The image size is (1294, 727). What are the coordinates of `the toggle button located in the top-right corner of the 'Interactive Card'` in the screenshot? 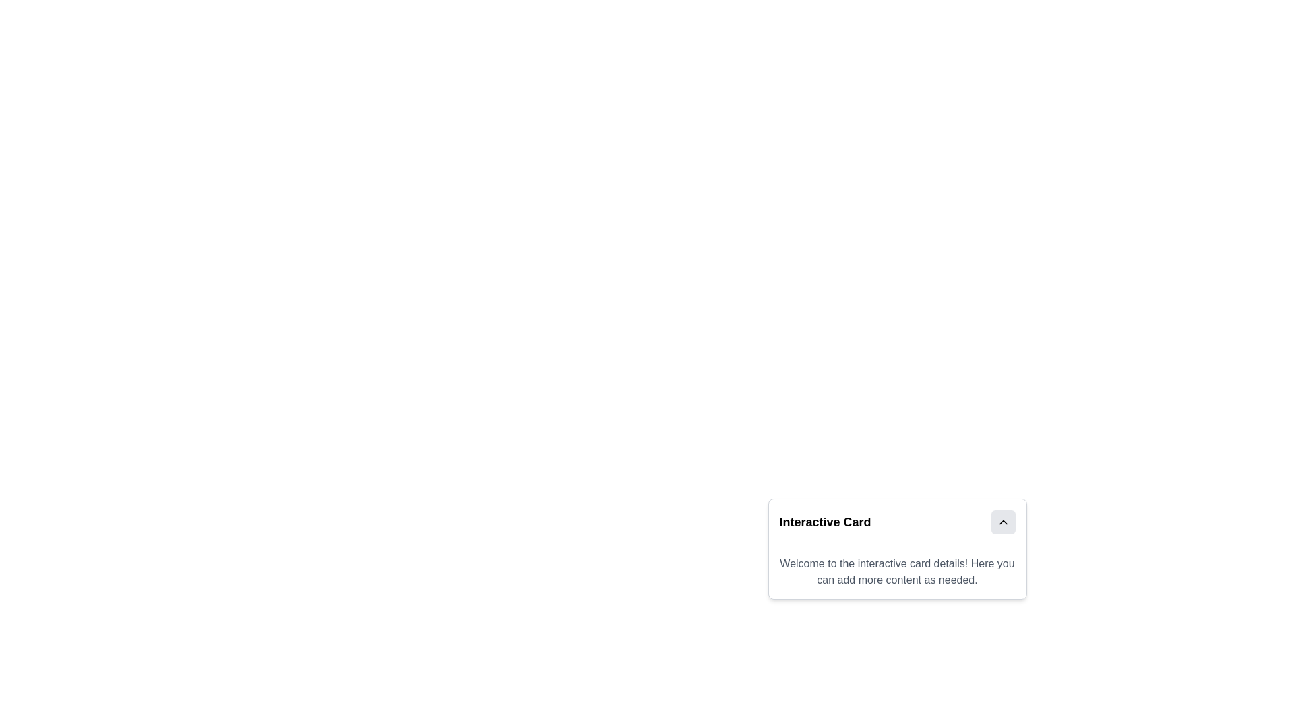 It's located at (1003, 521).